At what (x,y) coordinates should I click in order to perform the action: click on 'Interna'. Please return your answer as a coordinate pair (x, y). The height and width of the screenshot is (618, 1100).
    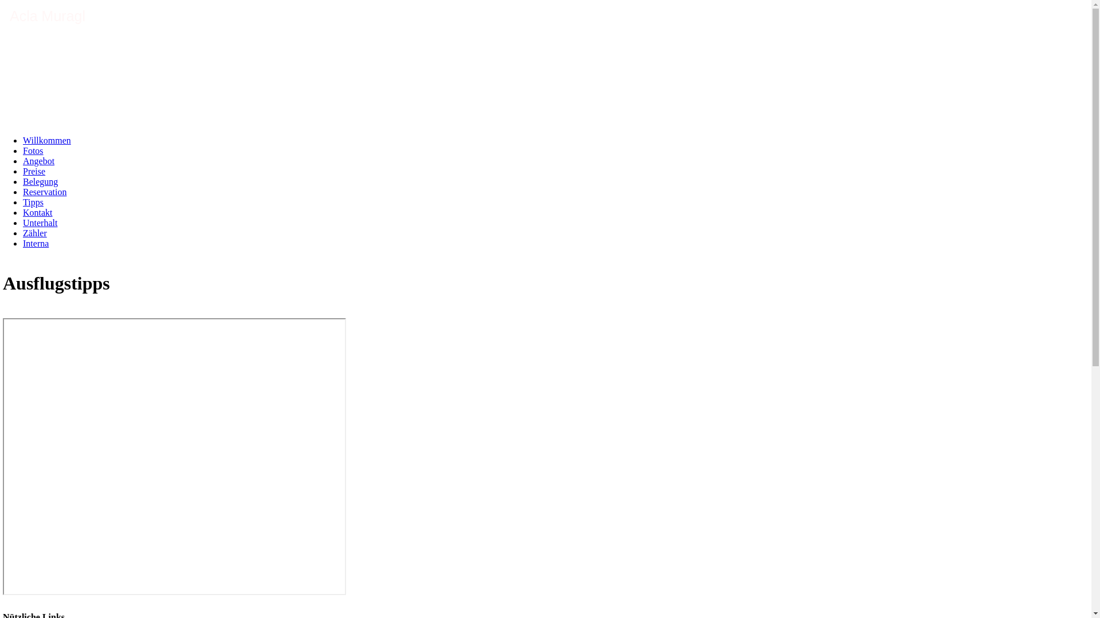
    Looking at the image, I should click on (36, 243).